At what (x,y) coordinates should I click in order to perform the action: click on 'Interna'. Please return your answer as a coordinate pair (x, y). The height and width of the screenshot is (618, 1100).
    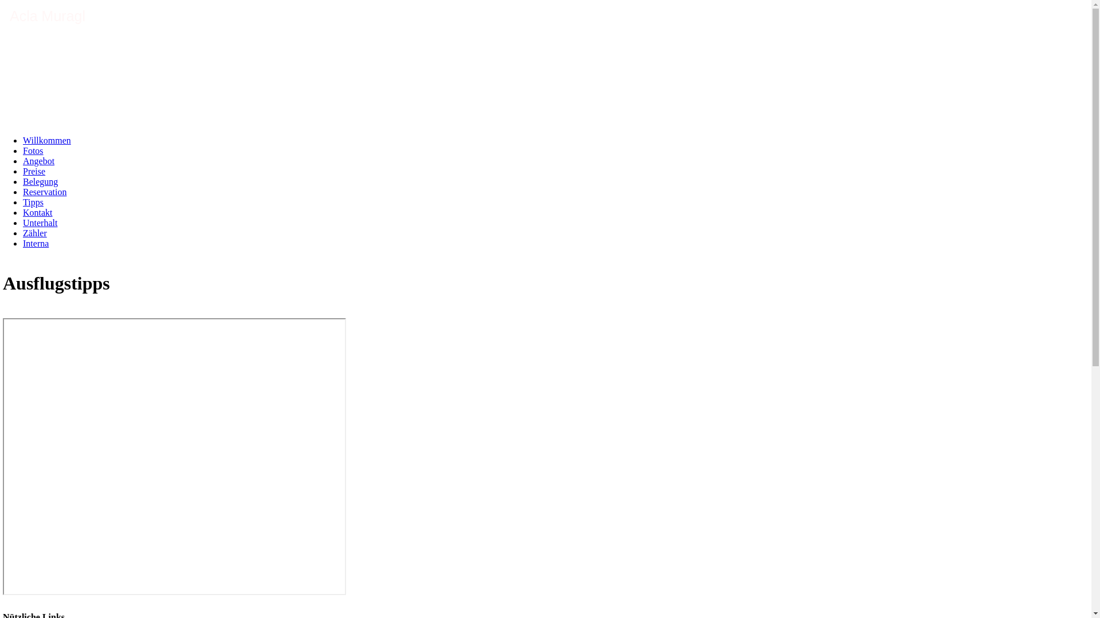
    Looking at the image, I should click on (36, 243).